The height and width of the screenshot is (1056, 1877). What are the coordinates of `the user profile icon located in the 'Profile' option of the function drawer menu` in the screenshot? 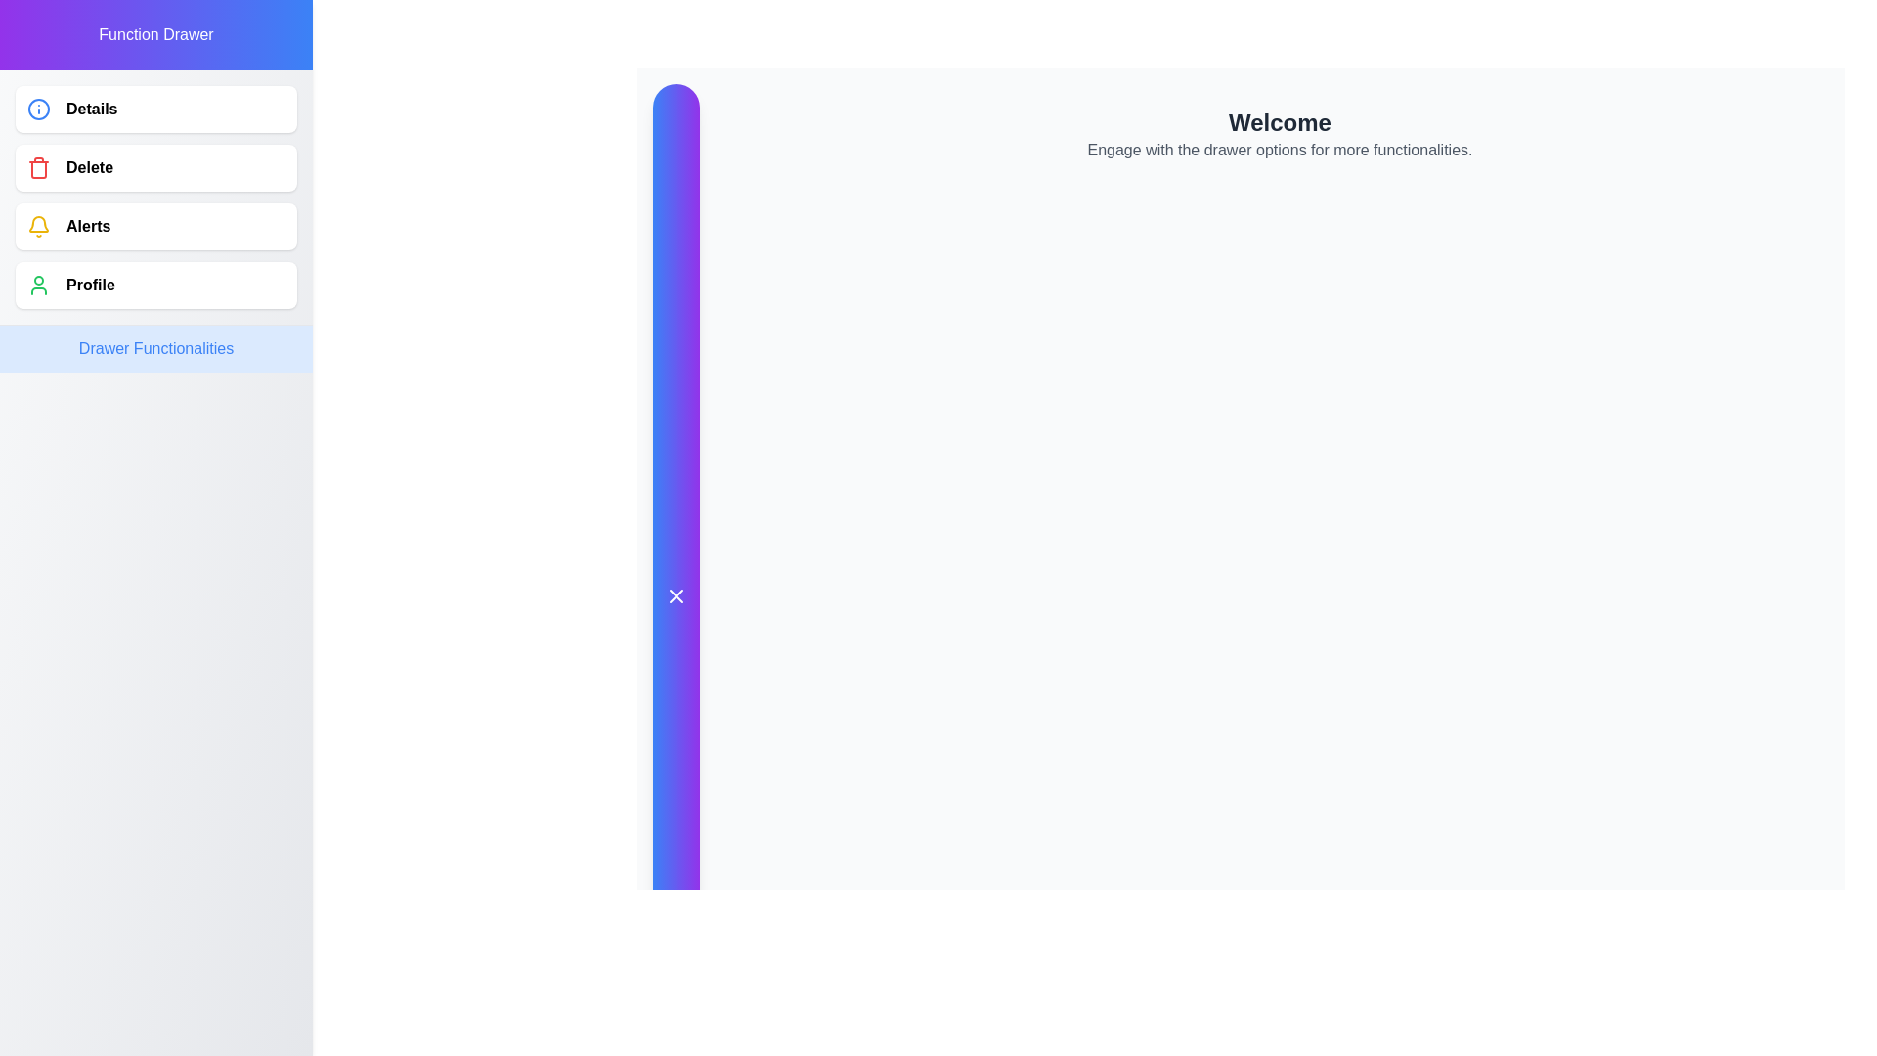 It's located at (38, 286).